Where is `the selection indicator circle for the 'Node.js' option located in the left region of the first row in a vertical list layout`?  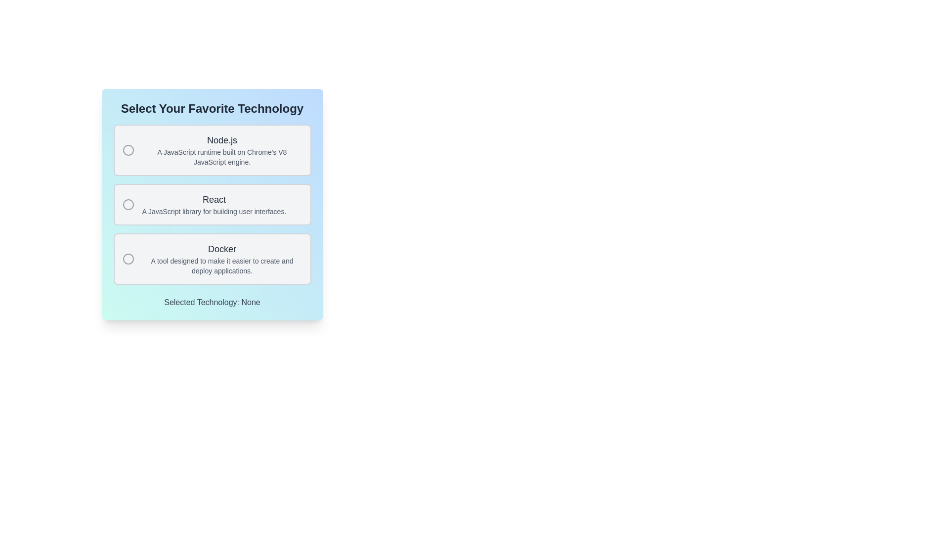 the selection indicator circle for the 'Node.js' option located in the left region of the first row in a vertical list layout is located at coordinates (128, 150).